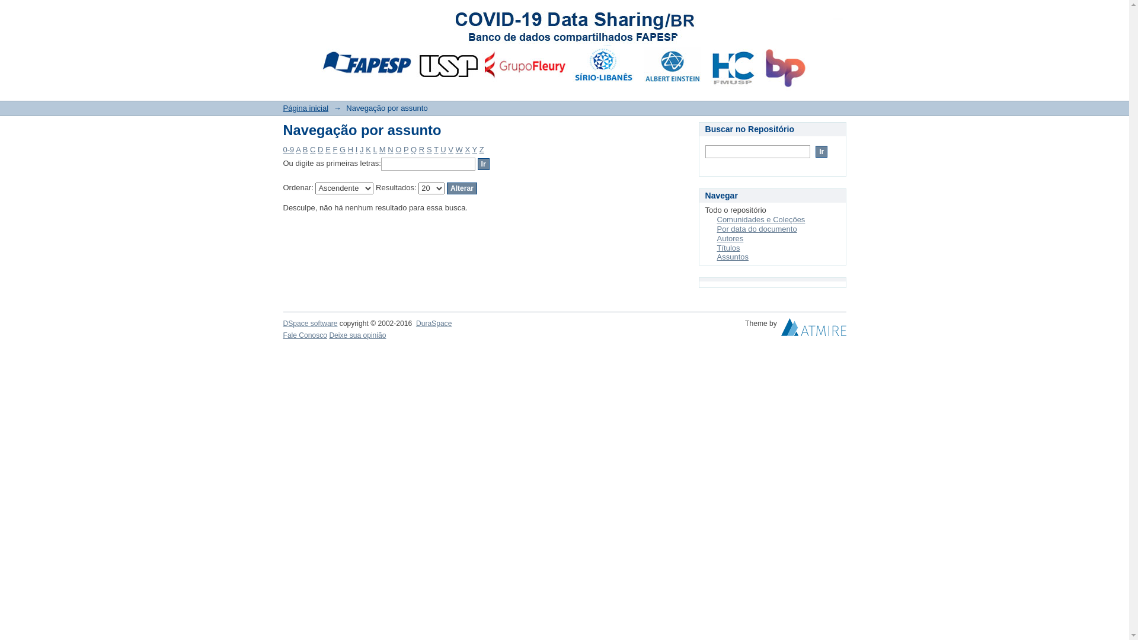 The image size is (1138, 640). Describe the element at coordinates (730, 238) in the screenshot. I see `'Autores'` at that location.